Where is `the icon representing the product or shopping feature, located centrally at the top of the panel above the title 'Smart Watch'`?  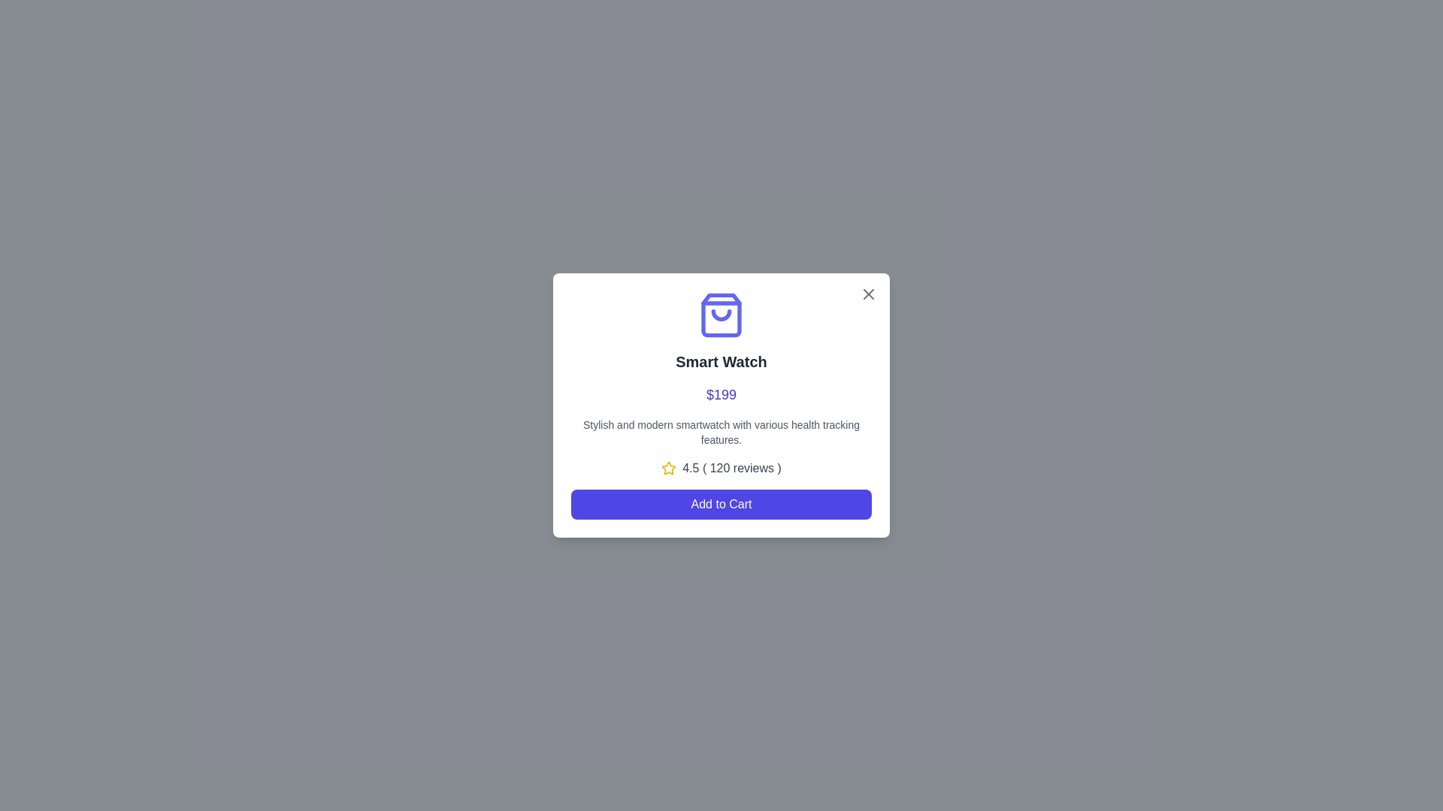
the icon representing the product or shopping feature, located centrally at the top of the panel above the title 'Smart Watch' is located at coordinates (721, 315).